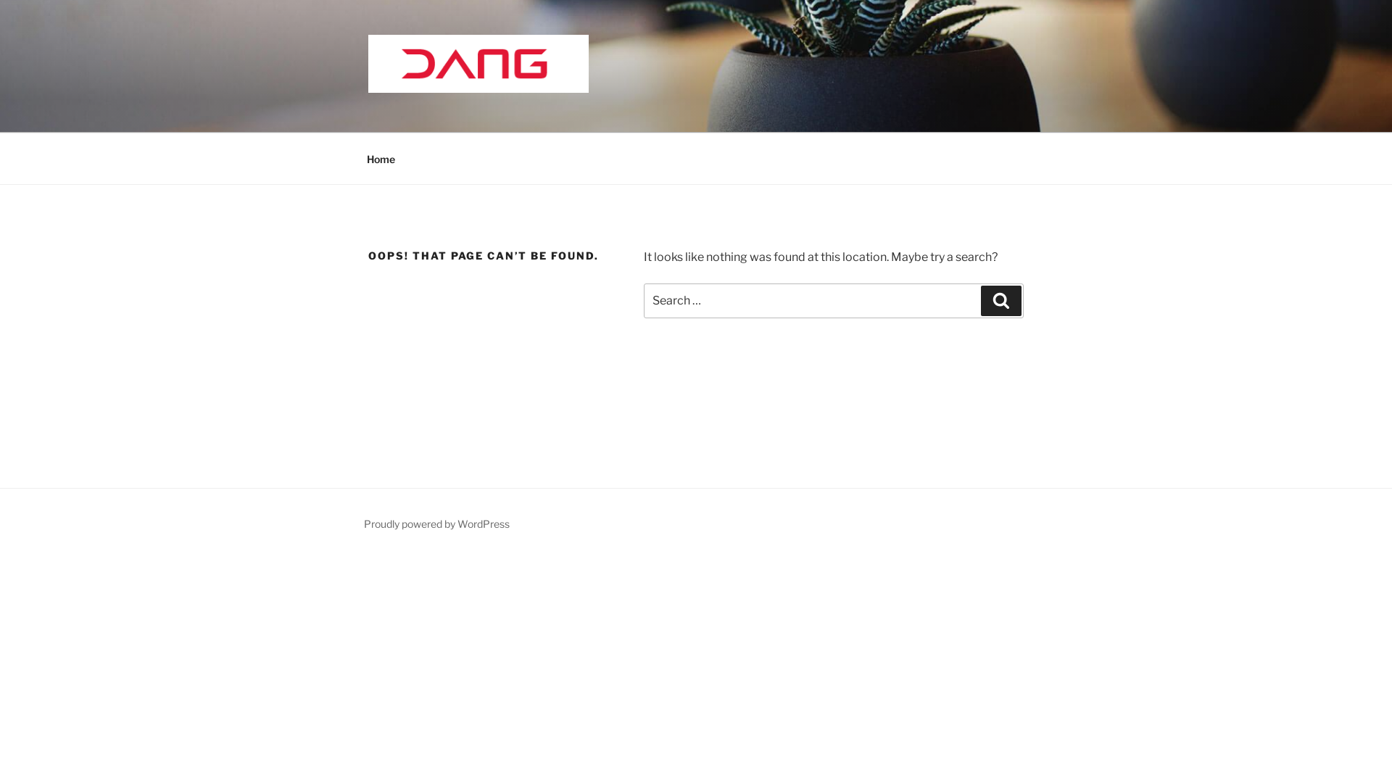  What do you see at coordinates (1000, 300) in the screenshot?
I see `'Search'` at bounding box center [1000, 300].